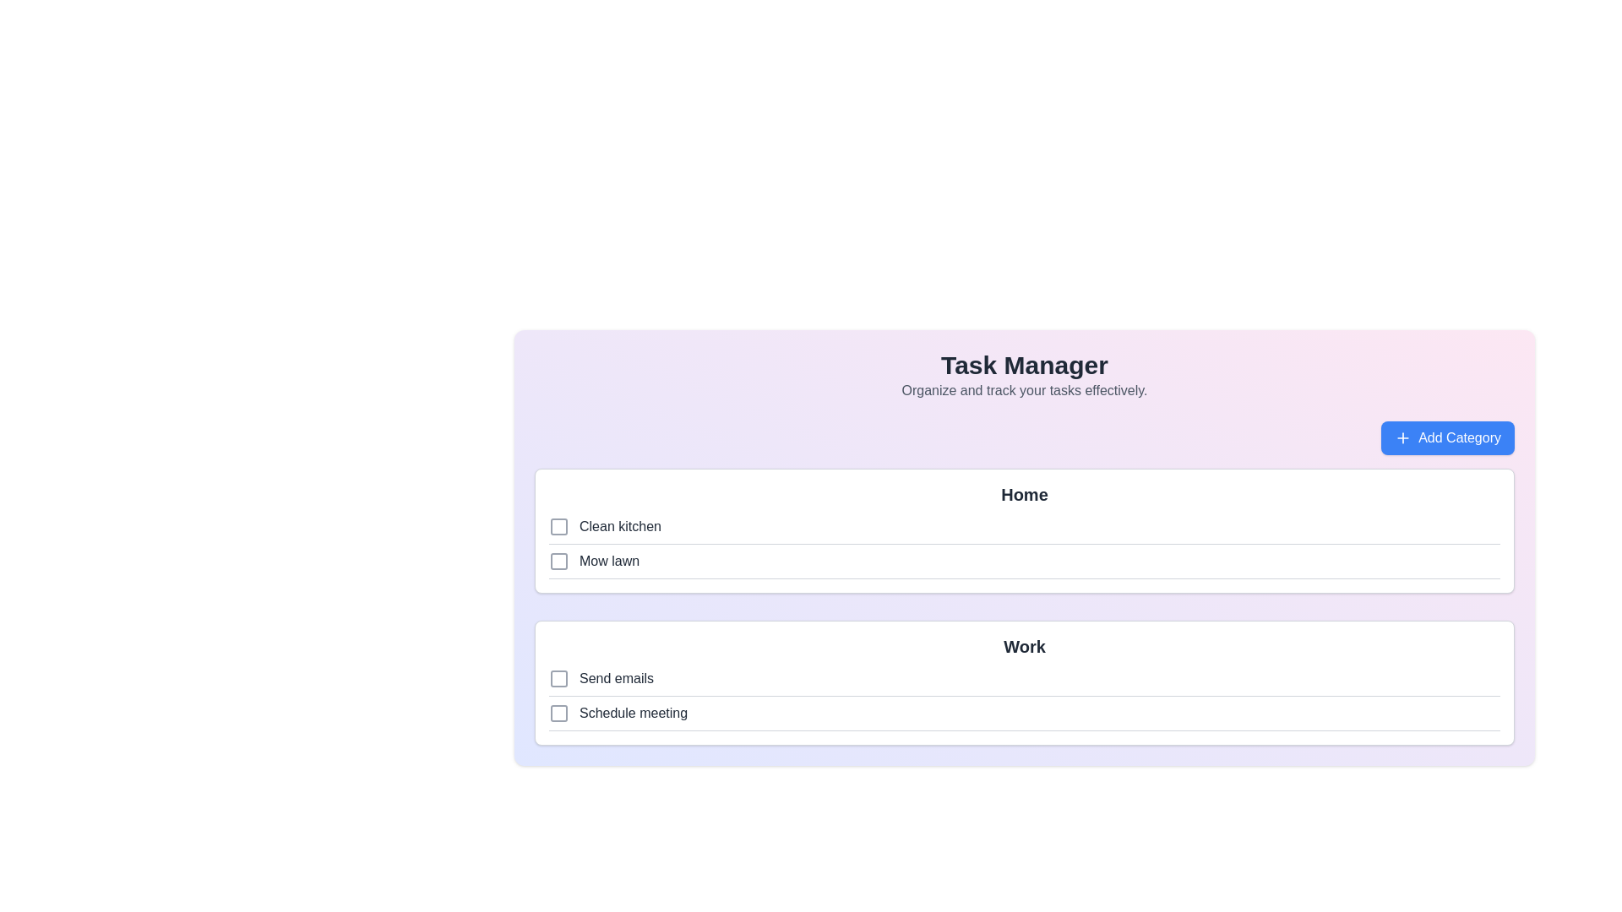 The image size is (1622, 912). Describe the element at coordinates (1024, 716) in the screenshot. I see `task description for the list item labeled 'Schedule meeting', which is the second item in the 'Work' category and includes a checkbox input` at that location.